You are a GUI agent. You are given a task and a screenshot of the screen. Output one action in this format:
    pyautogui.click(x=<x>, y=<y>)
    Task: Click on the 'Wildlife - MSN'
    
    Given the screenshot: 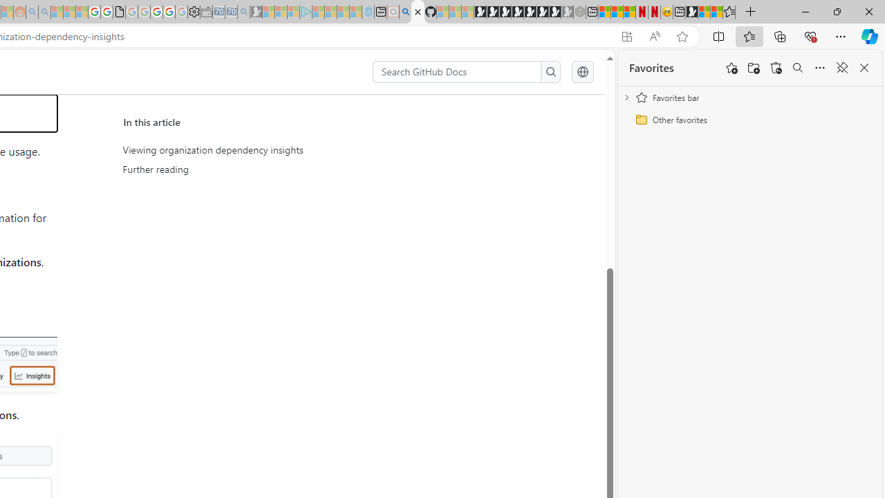 What is the action you would take?
    pyautogui.click(x=704, y=12)
    